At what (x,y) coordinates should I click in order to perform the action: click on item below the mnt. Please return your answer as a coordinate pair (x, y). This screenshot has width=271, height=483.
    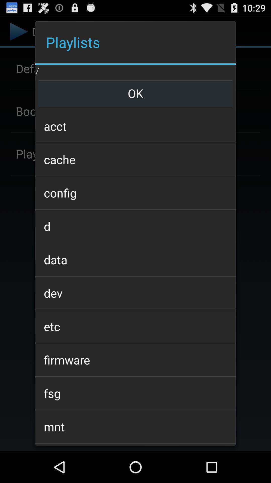
    Looking at the image, I should click on (135, 445).